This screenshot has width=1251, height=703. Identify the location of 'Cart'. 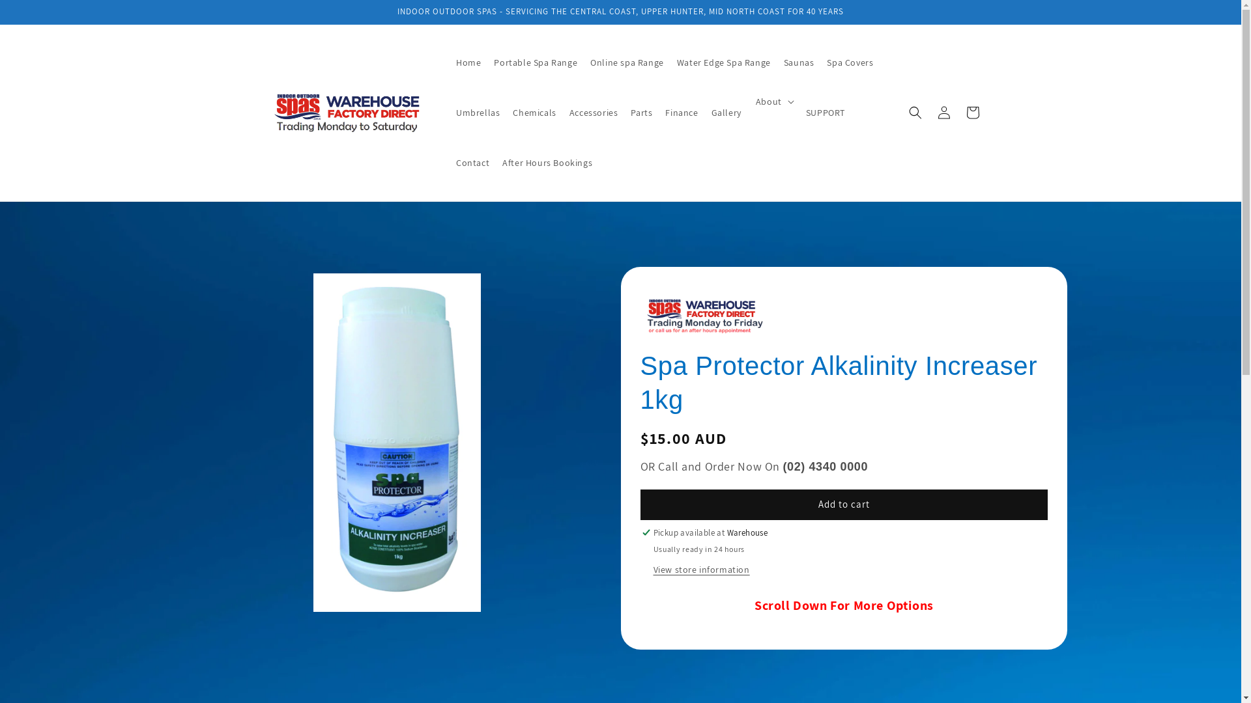
(972, 112).